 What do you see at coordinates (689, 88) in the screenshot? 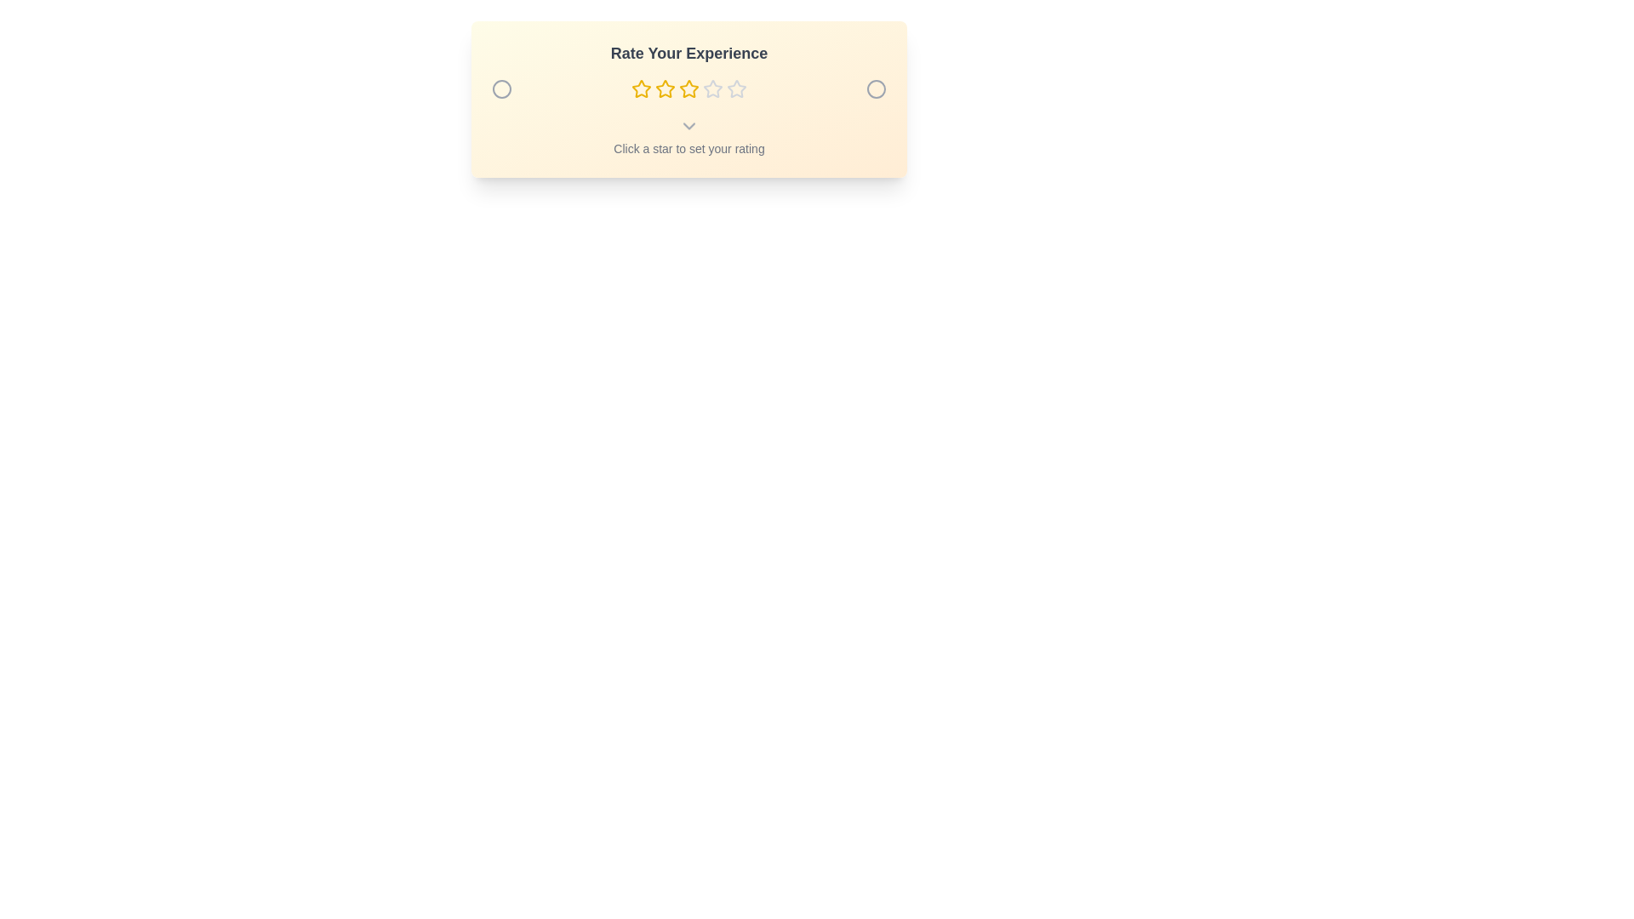
I see `the star representing the desired rating 3` at bounding box center [689, 88].